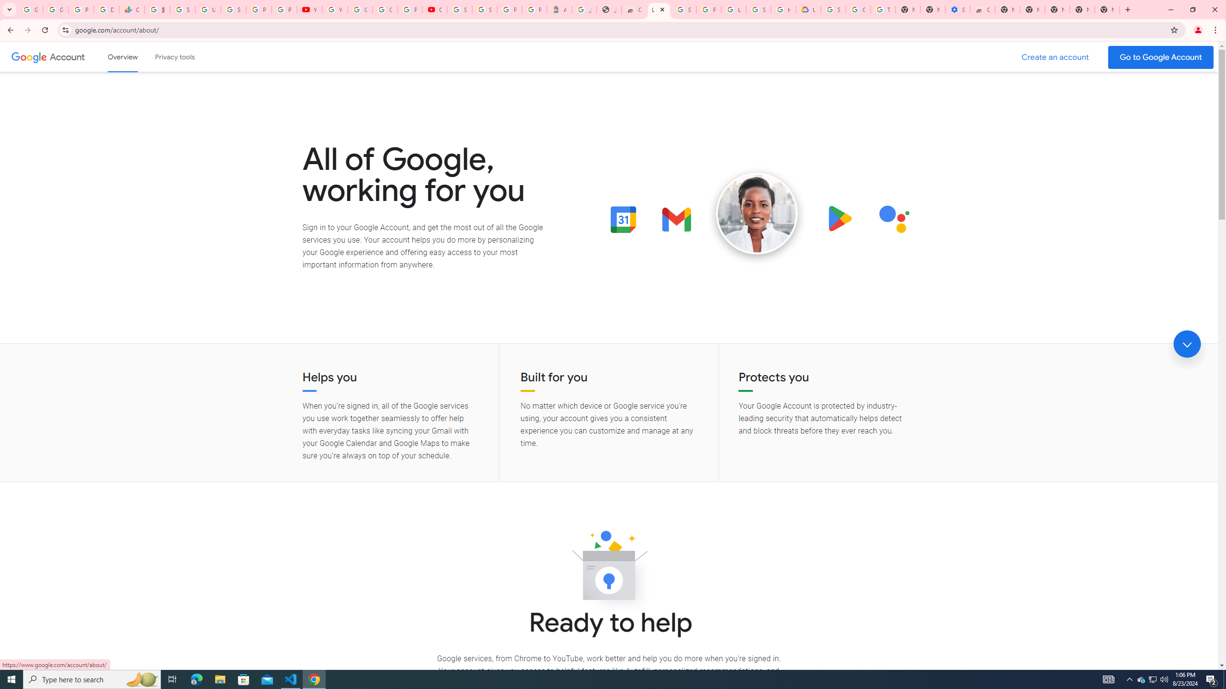  Describe the element at coordinates (174, 56) in the screenshot. I see `'Privacy tools'` at that location.